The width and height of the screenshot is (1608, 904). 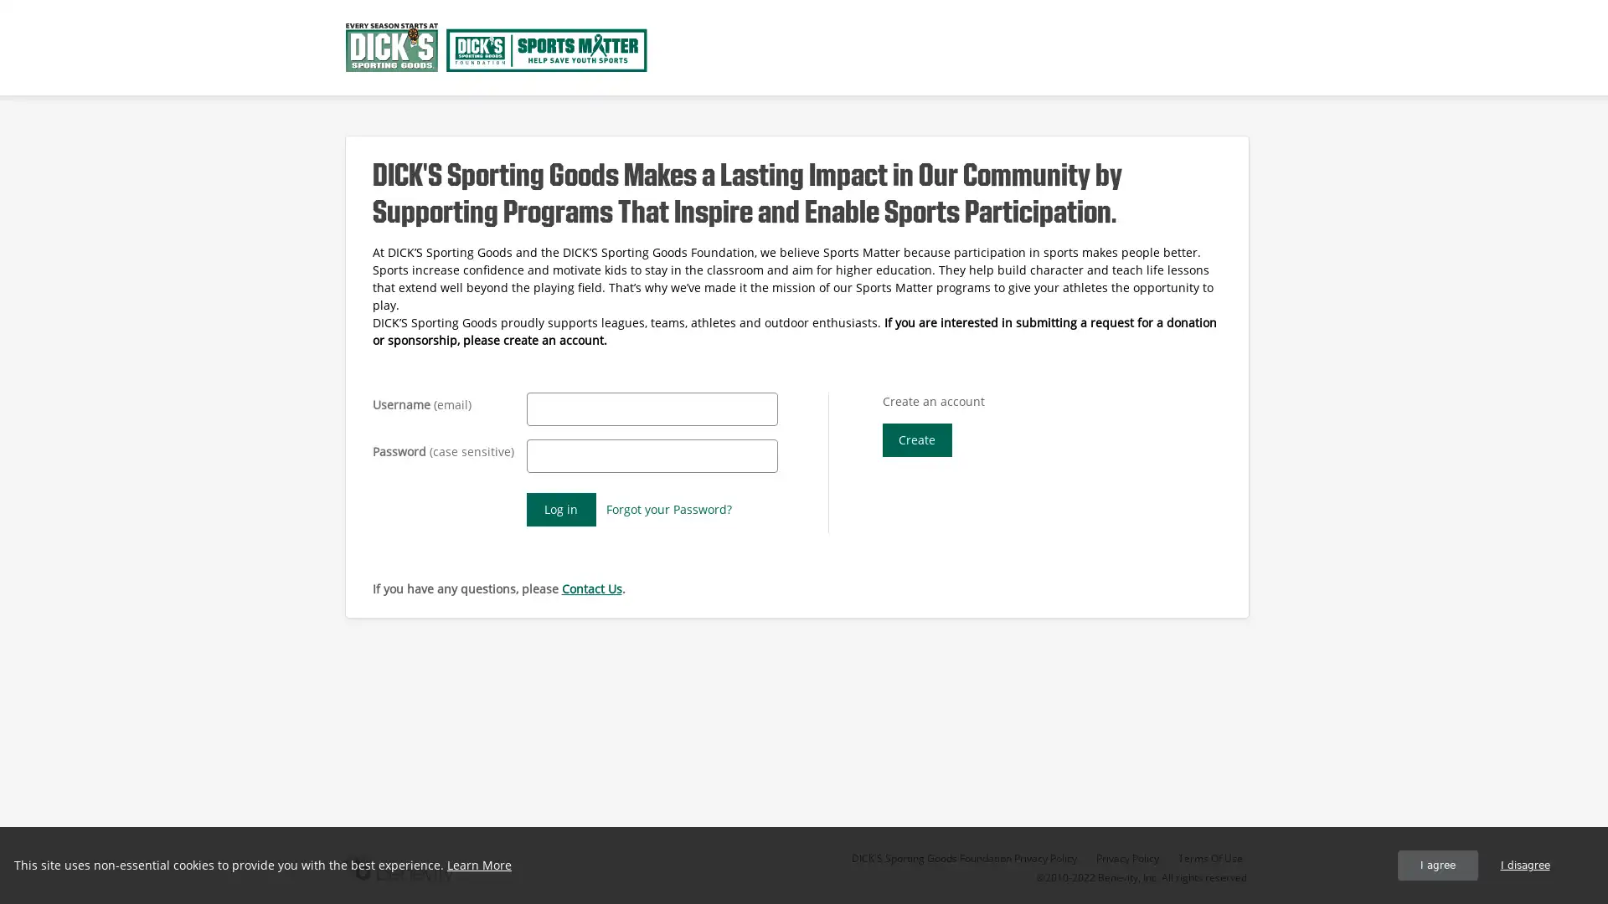 What do you see at coordinates (1437, 865) in the screenshot?
I see `I agree` at bounding box center [1437, 865].